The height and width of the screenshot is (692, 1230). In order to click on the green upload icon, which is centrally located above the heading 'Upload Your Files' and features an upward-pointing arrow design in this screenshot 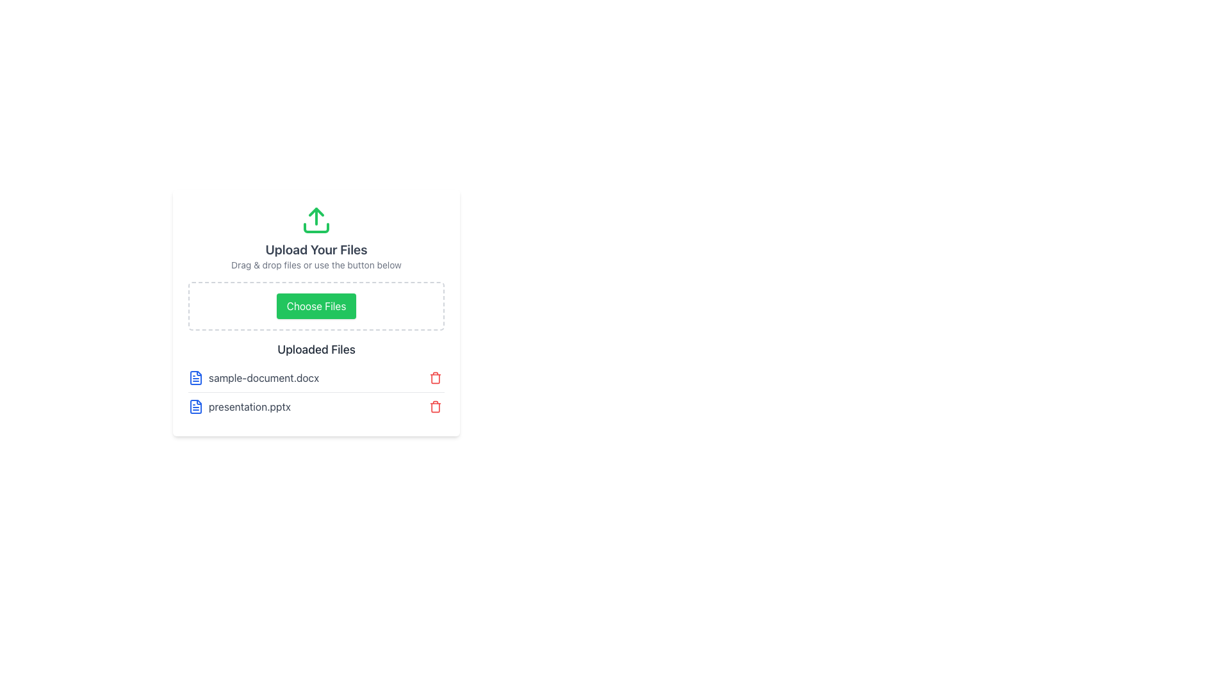, I will do `click(316, 219)`.